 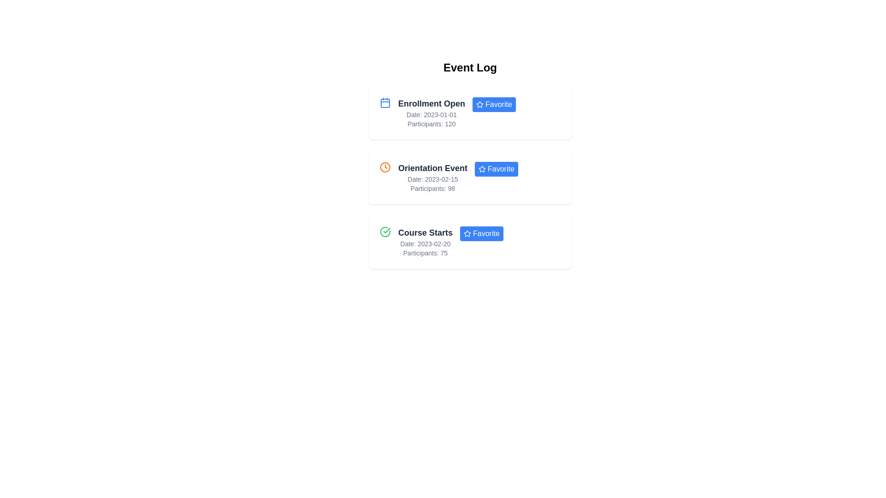 I want to click on the 'Favorite' icon embedded within the button of the second event card ('Orientation Event') to favorite or unfavorite the associated event, so click(x=482, y=169).